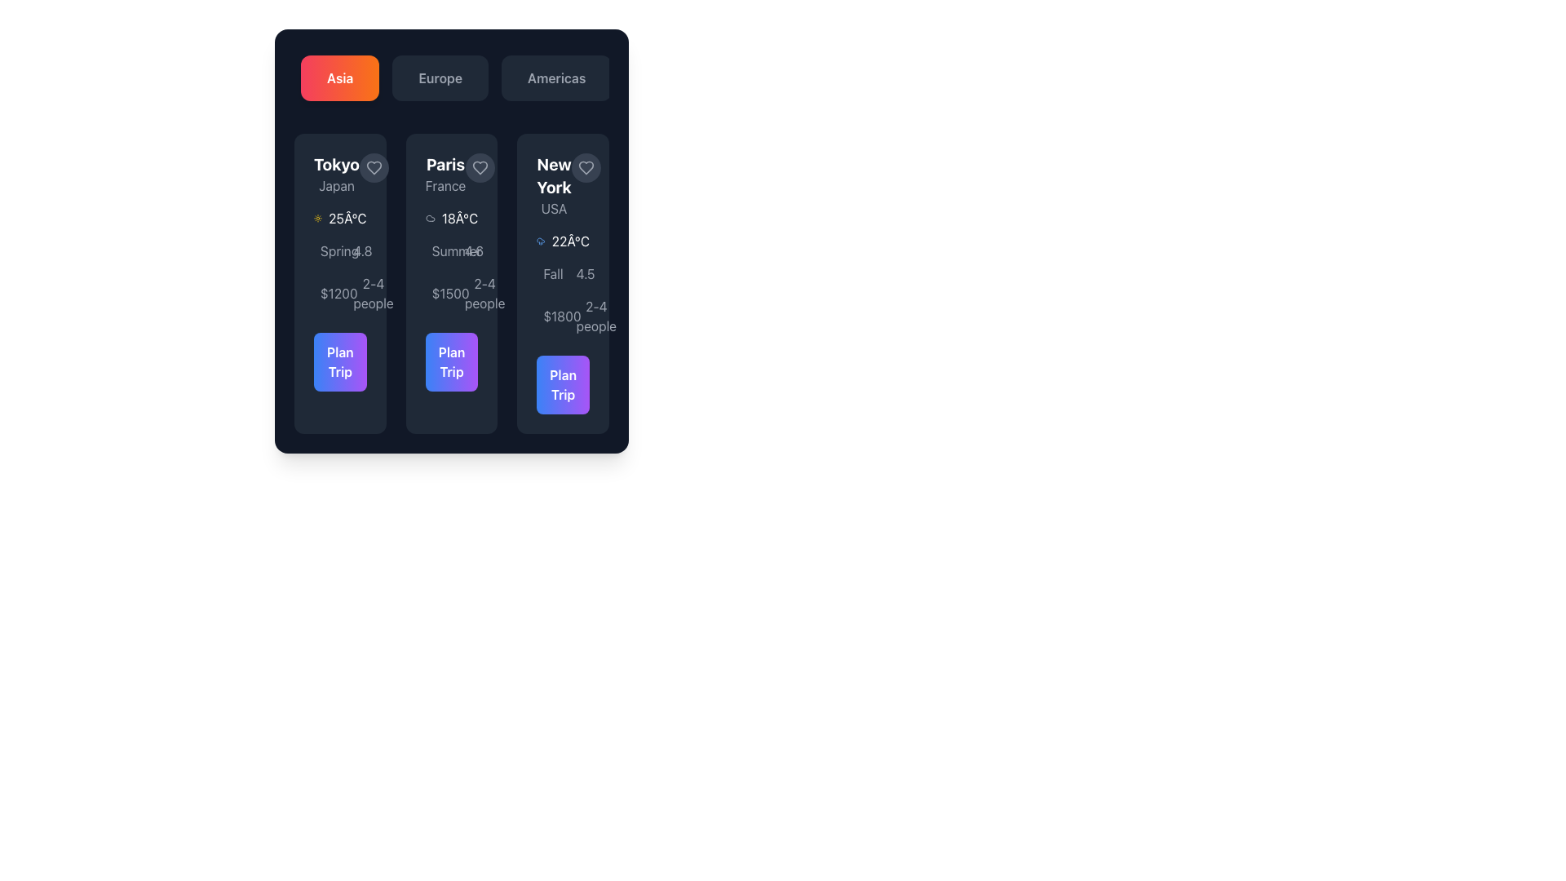  What do you see at coordinates (554, 207) in the screenshot?
I see `the text label 'USA', which is styled with a gray font color and located below the text 'New York' in the third column of a grid layout` at bounding box center [554, 207].